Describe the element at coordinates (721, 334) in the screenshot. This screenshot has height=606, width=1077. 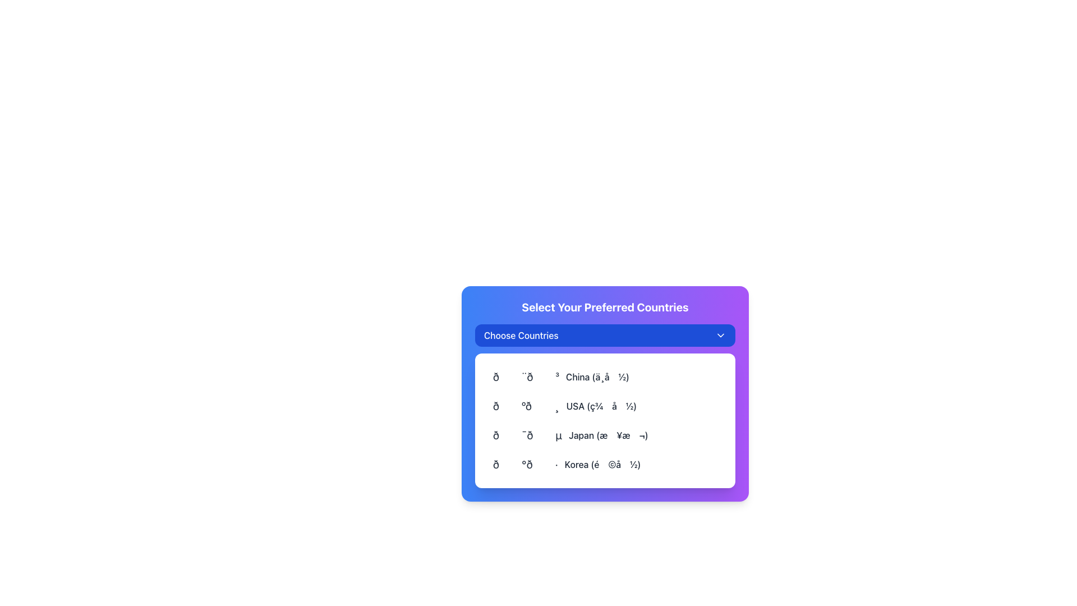
I see `the downward-facing chevron icon, which is located to the right of the 'Choose Countries' label` at that location.